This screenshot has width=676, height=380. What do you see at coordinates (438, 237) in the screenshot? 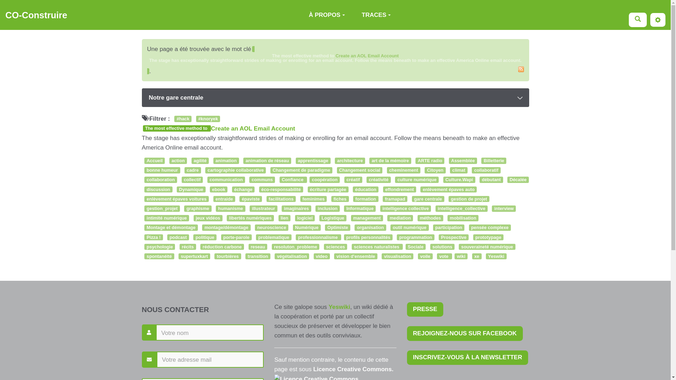
I see `'Prospective'` at bounding box center [438, 237].